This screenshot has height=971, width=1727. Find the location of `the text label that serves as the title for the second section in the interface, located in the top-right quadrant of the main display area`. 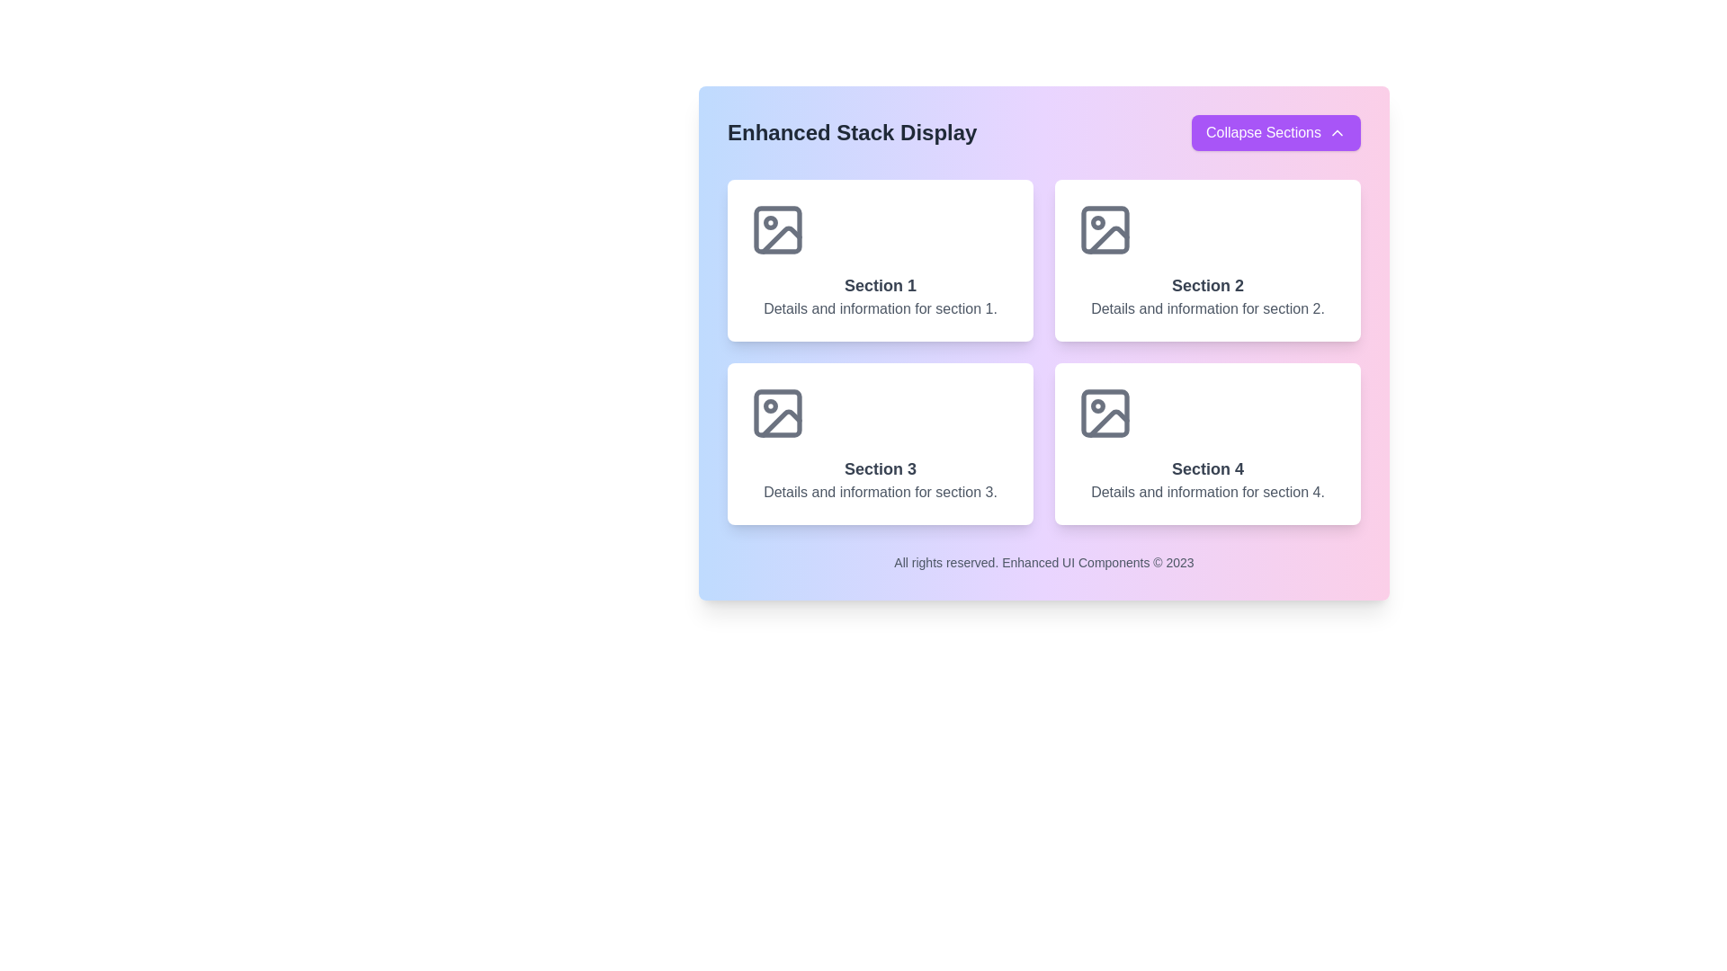

the text label that serves as the title for the second section in the interface, located in the top-right quadrant of the main display area is located at coordinates (1208, 284).